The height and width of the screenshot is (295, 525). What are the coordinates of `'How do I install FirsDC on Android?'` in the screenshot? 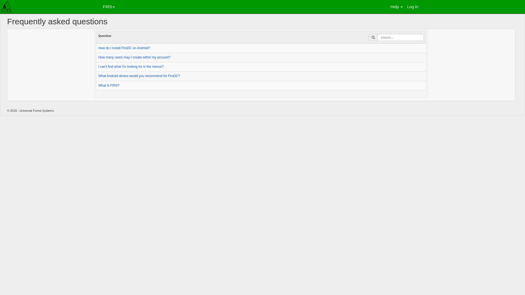 It's located at (124, 48).